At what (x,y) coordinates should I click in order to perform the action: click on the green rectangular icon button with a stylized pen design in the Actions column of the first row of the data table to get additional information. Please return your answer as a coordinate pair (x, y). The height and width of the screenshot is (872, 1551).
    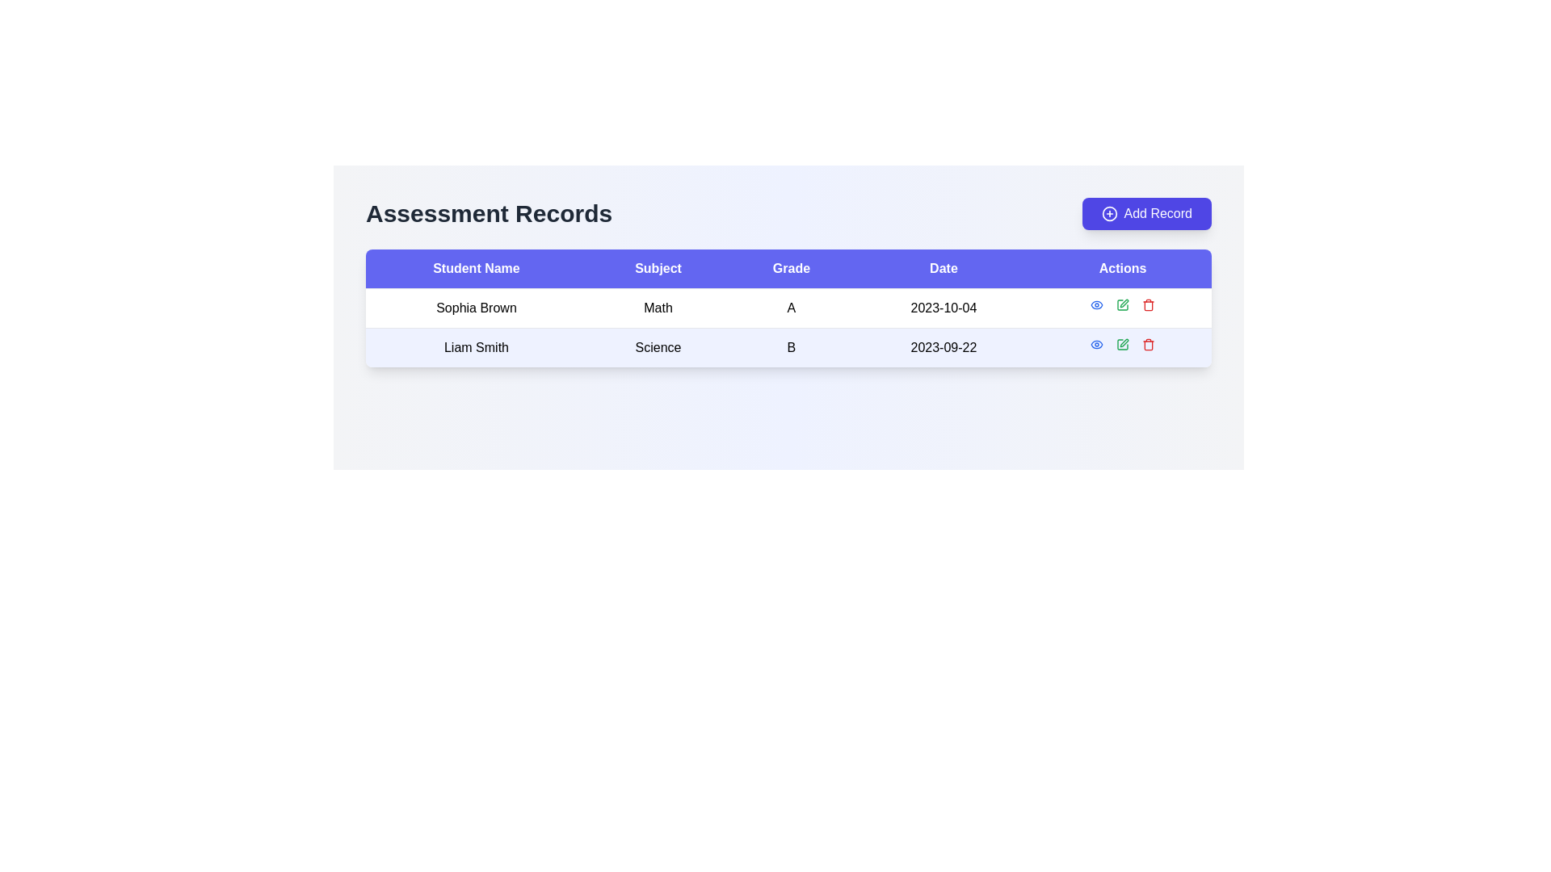
    Looking at the image, I should click on (1122, 305).